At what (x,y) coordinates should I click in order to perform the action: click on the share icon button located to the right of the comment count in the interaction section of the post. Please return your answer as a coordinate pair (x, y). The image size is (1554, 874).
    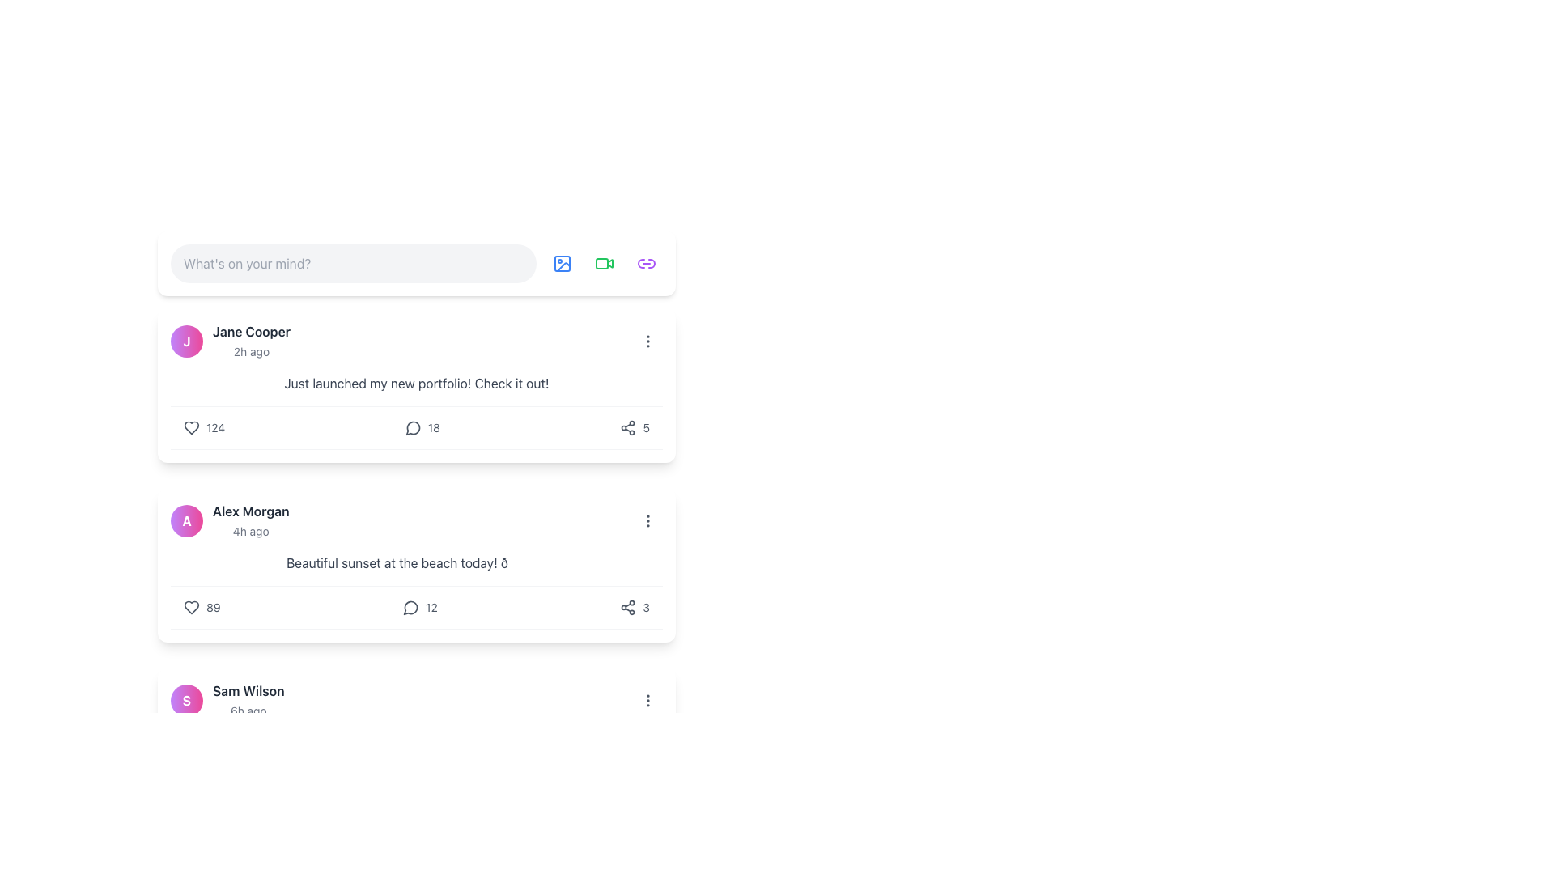
    Looking at the image, I should click on (627, 608).